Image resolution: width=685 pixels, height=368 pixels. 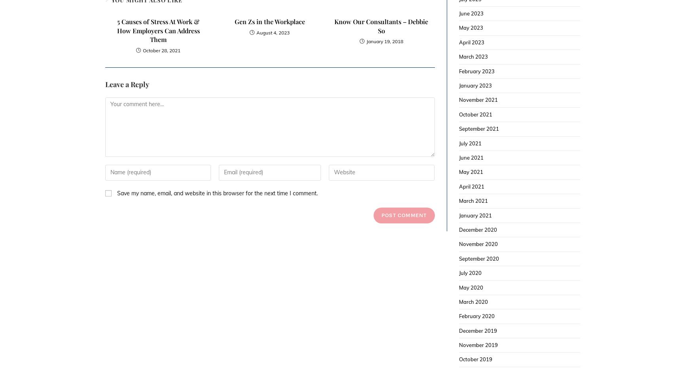 I want to click on 'Know Our Consultants – Debbie So', so click(x=381, y=25).